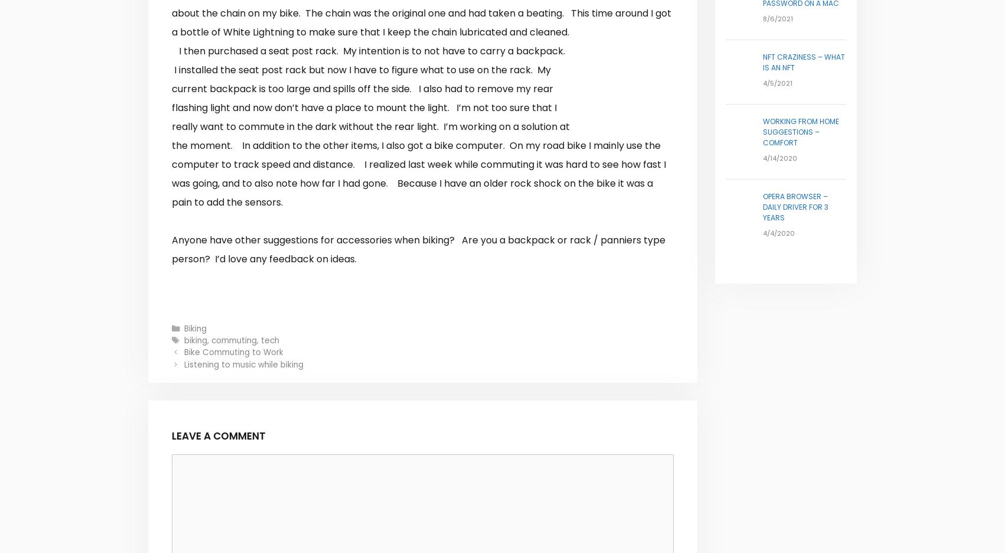 This screenshot has width=1005, height=553. I want to click on 'Bike Commuting to Work', so click(234, 352).